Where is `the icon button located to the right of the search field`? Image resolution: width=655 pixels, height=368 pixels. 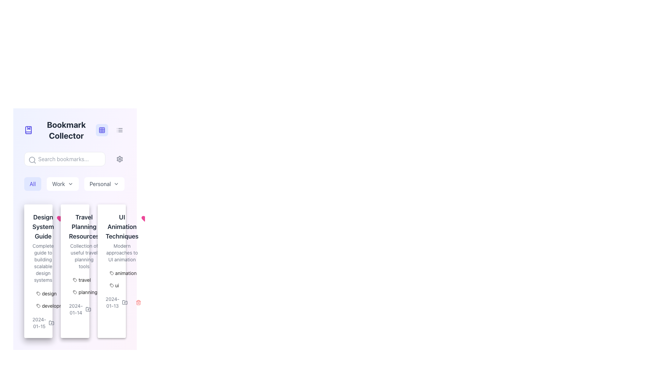
the icon button located to the right of the search field is located at coordinates (119, 159).